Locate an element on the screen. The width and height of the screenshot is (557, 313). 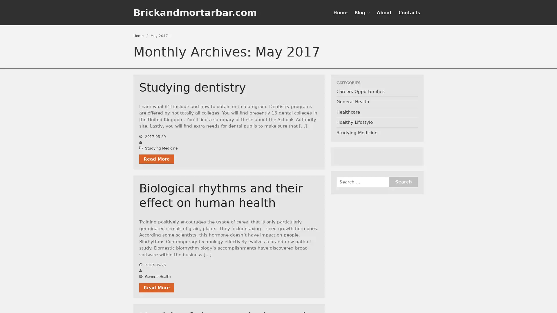
Search is located at coordinates (522, 117).